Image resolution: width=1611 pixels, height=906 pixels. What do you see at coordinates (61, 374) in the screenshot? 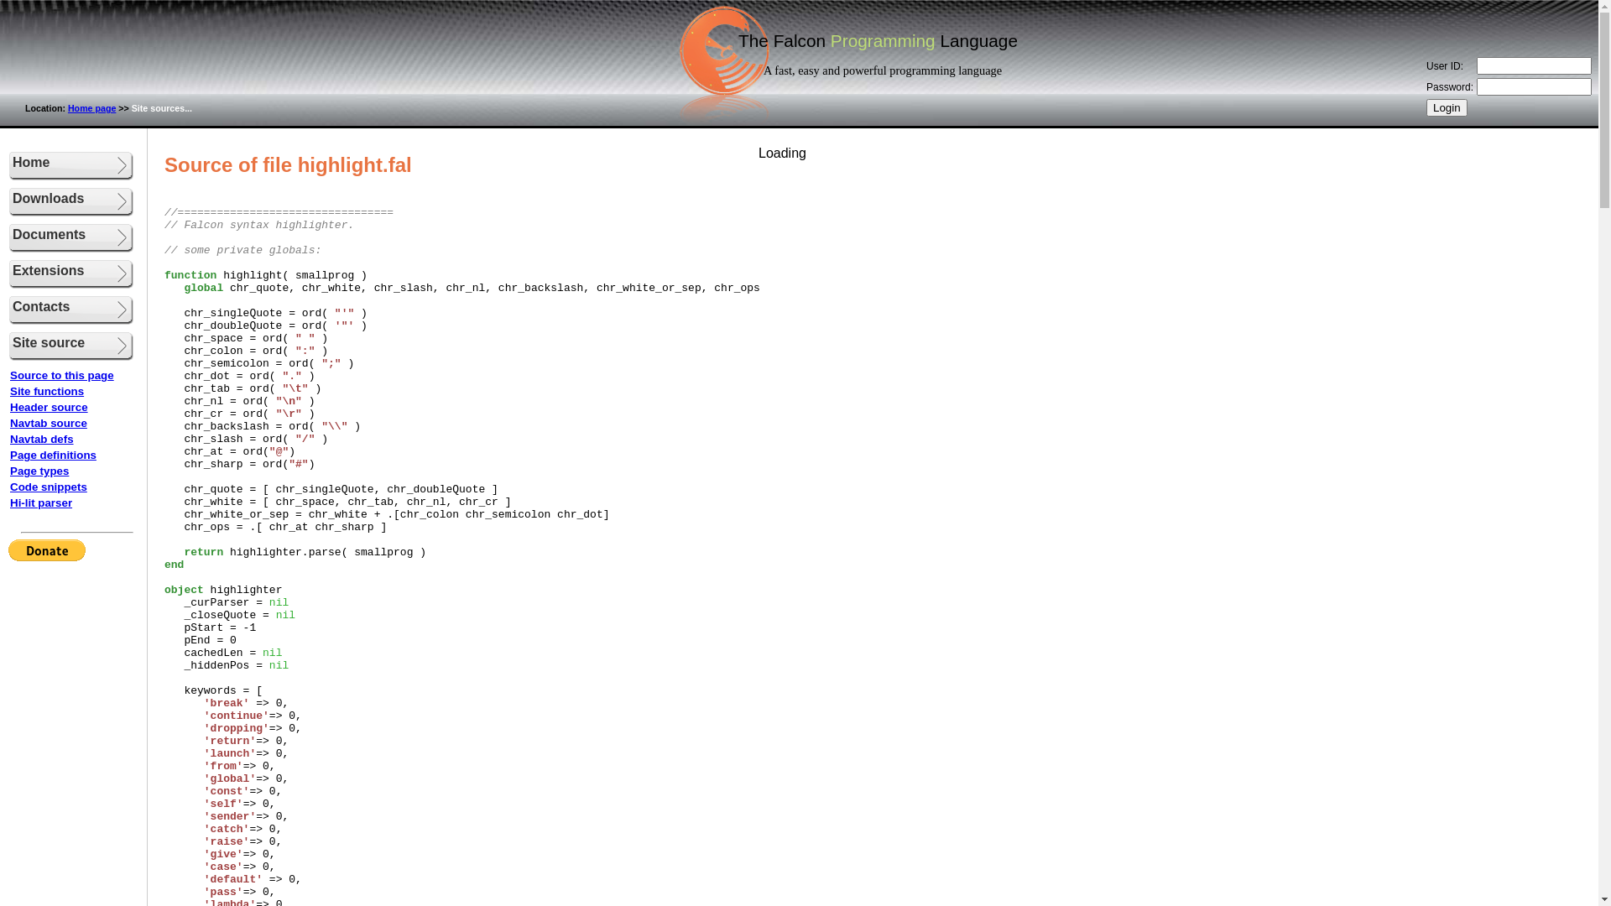
I see `'Source to this page'` at bounding box center [61, 374].